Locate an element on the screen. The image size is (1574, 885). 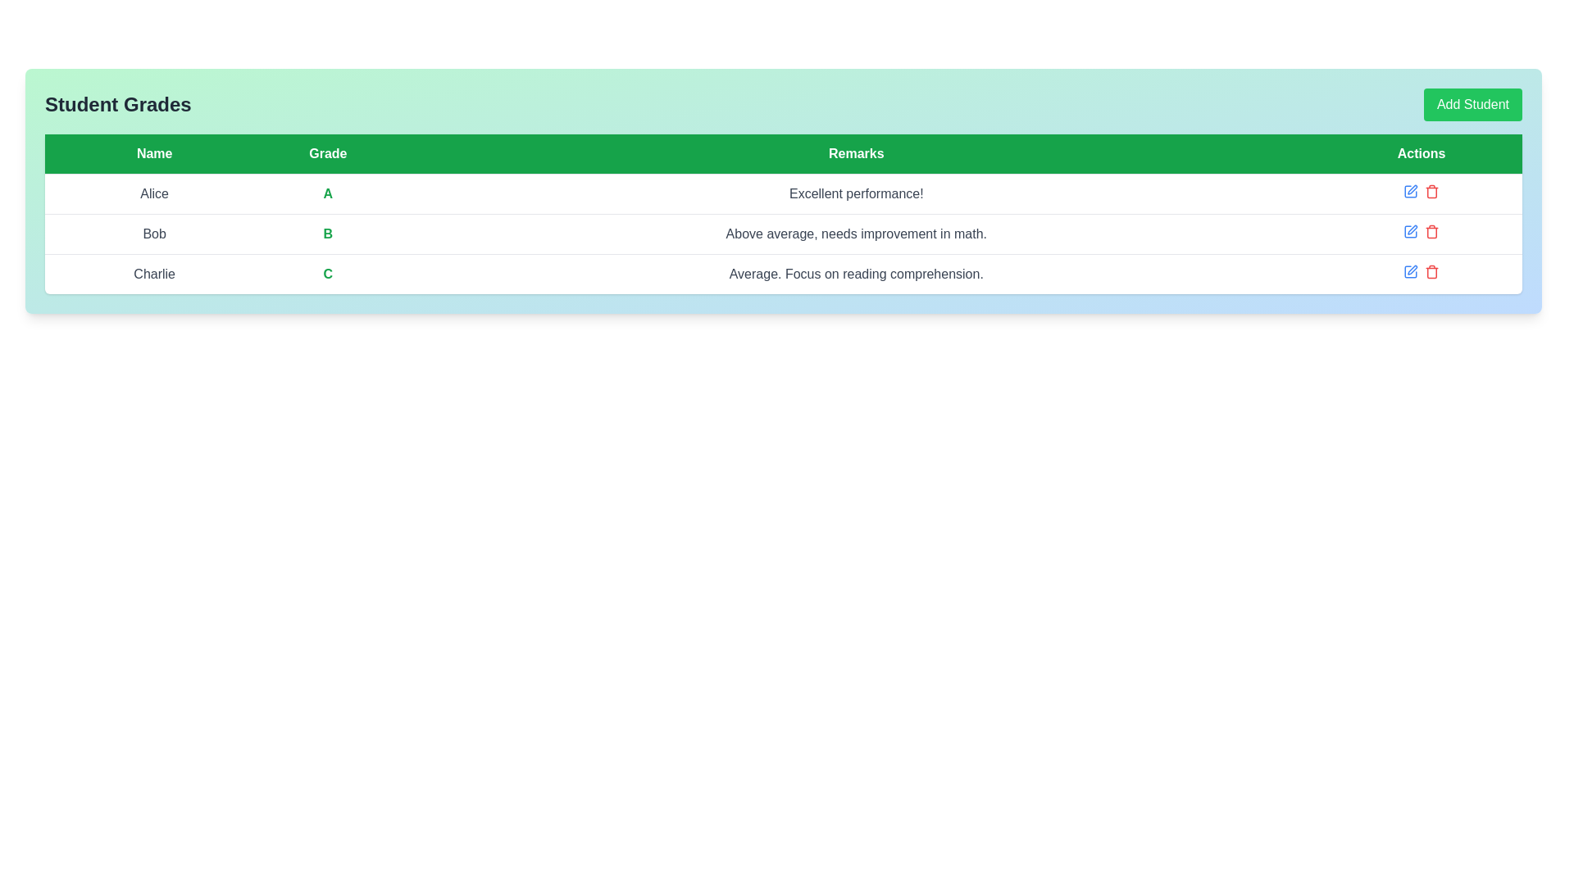
the bold, green-colored uppercase letter 'C' in the second cell of the grade column for the student 'Charlie' in the table is located at coordinates (328, 273).